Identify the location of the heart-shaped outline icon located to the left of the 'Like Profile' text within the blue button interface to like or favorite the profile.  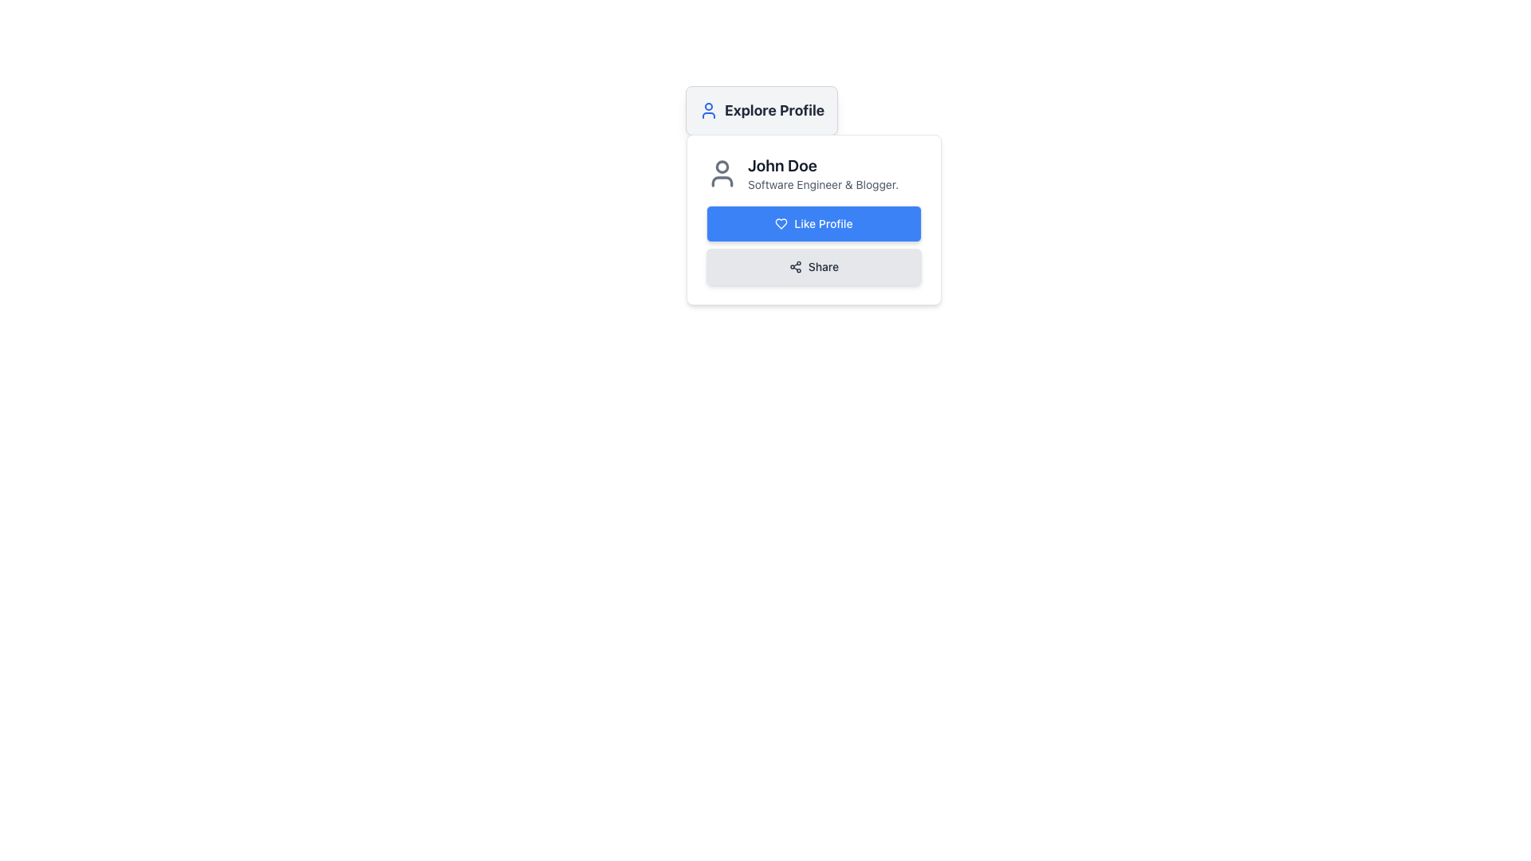
(781, 224).